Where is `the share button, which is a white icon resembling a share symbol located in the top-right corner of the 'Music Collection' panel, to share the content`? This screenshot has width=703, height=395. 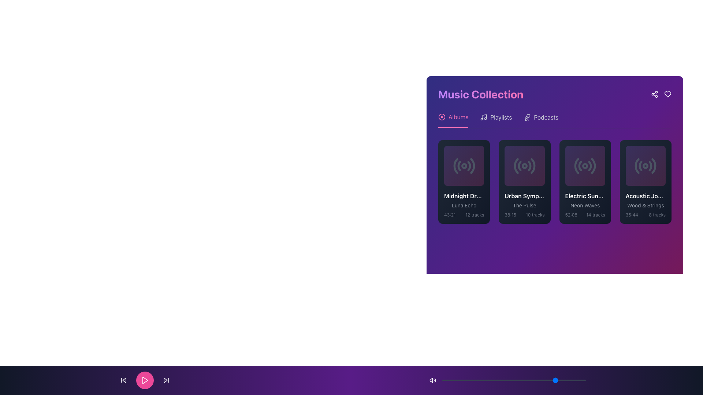
the share button, which is a white icon resembling a share symbol located in the top-right corner of the 'Music Collection' panel, to share the content is located at coordinates (655, 94).